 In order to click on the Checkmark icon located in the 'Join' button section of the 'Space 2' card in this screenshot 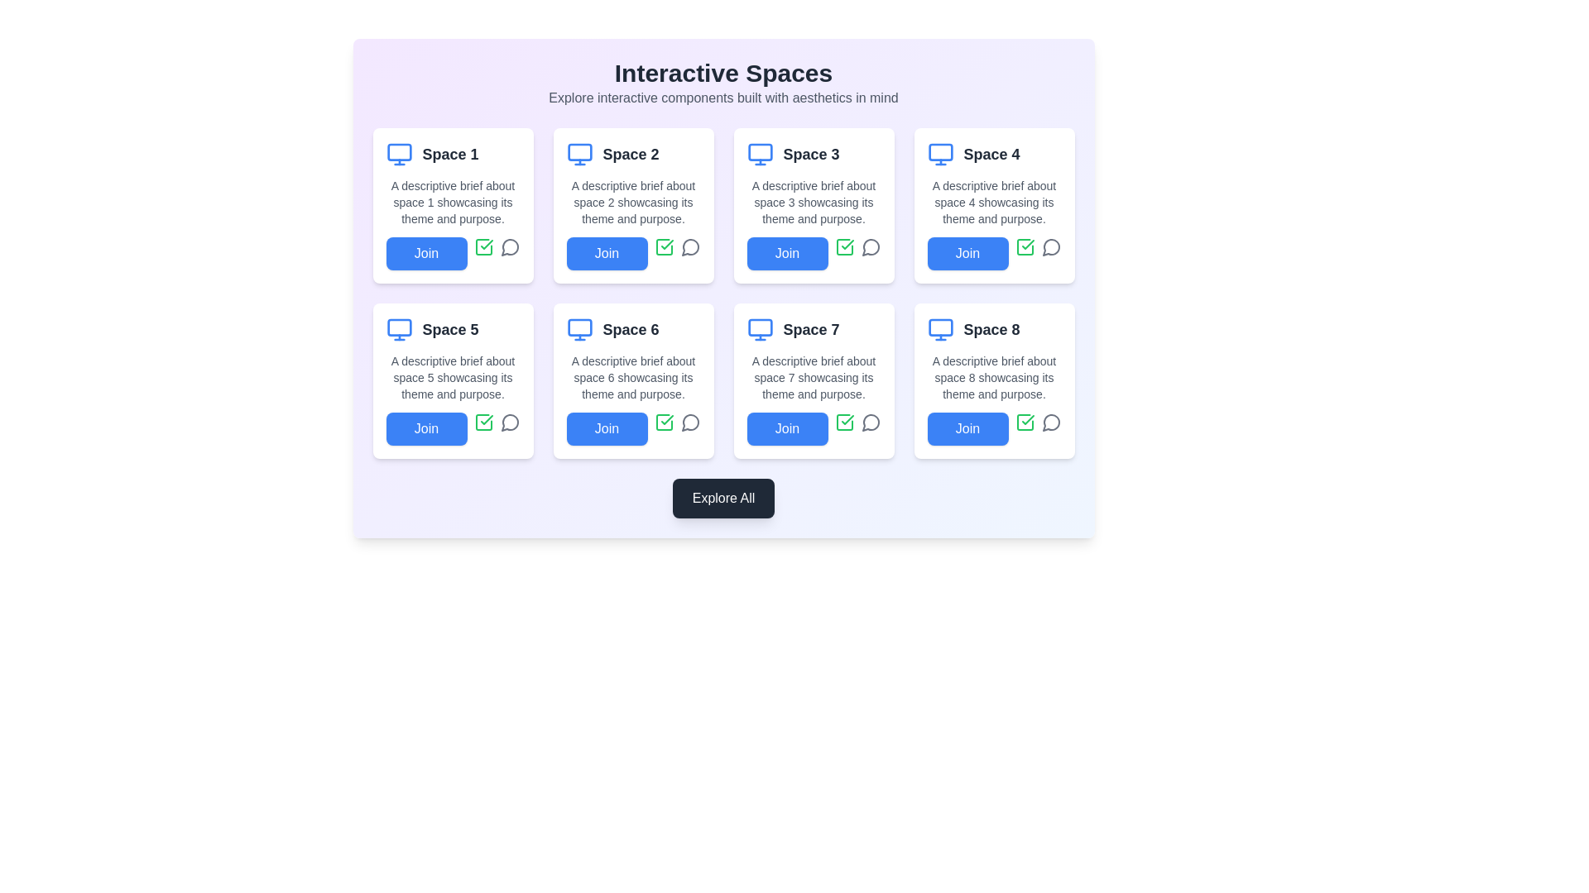, I will do `click(486, 245)`.